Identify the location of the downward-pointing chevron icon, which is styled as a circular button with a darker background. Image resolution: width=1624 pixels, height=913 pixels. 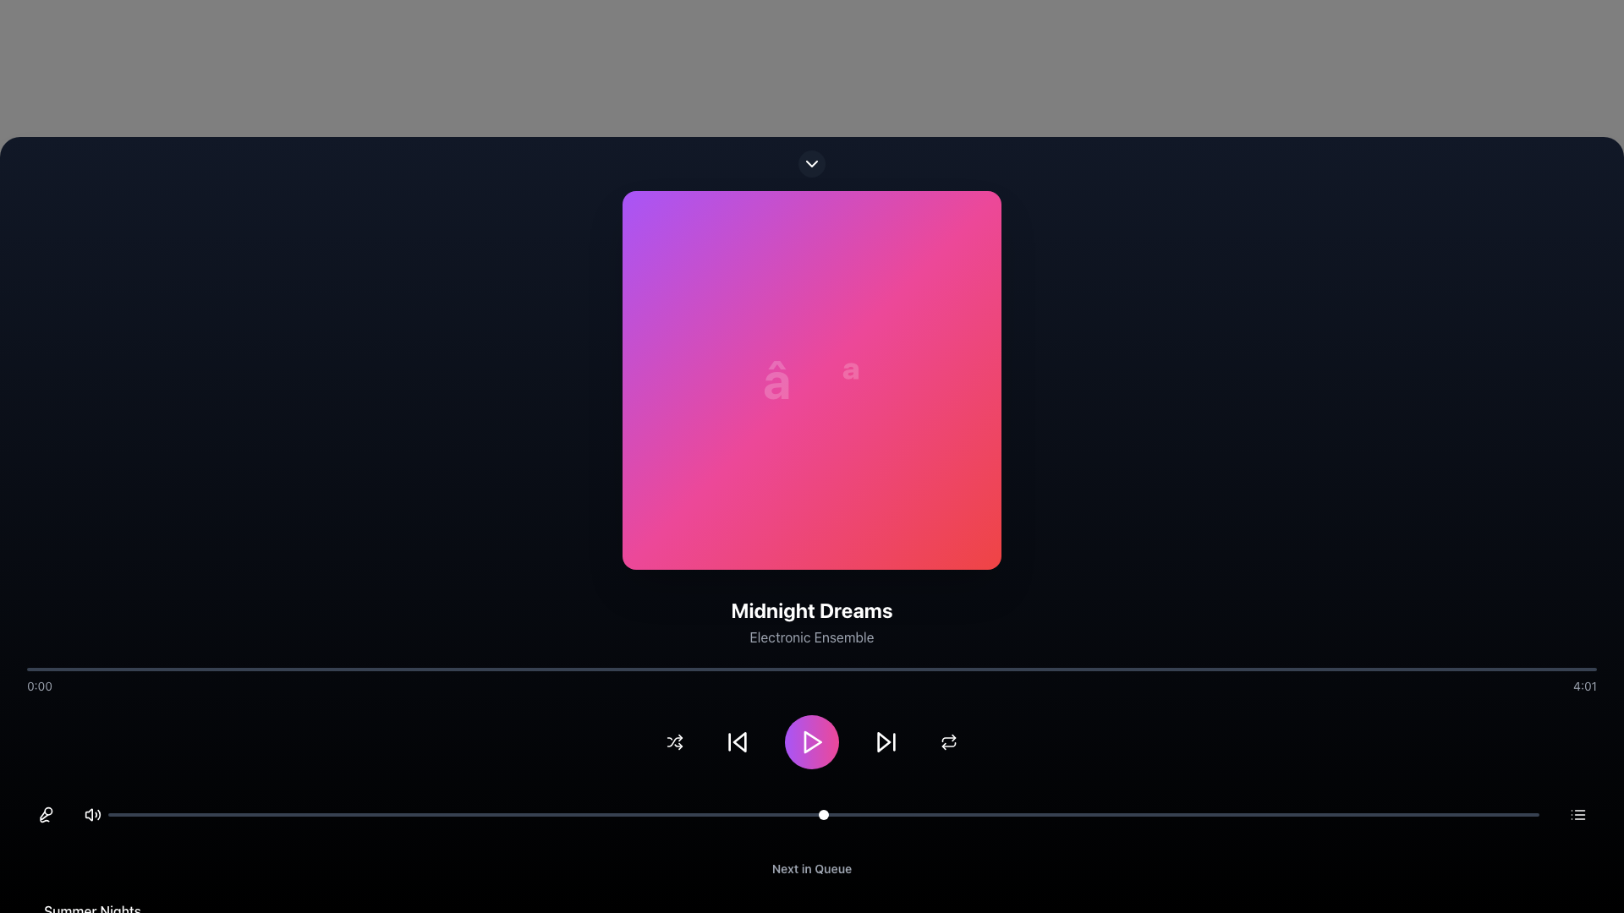
(812, 163).